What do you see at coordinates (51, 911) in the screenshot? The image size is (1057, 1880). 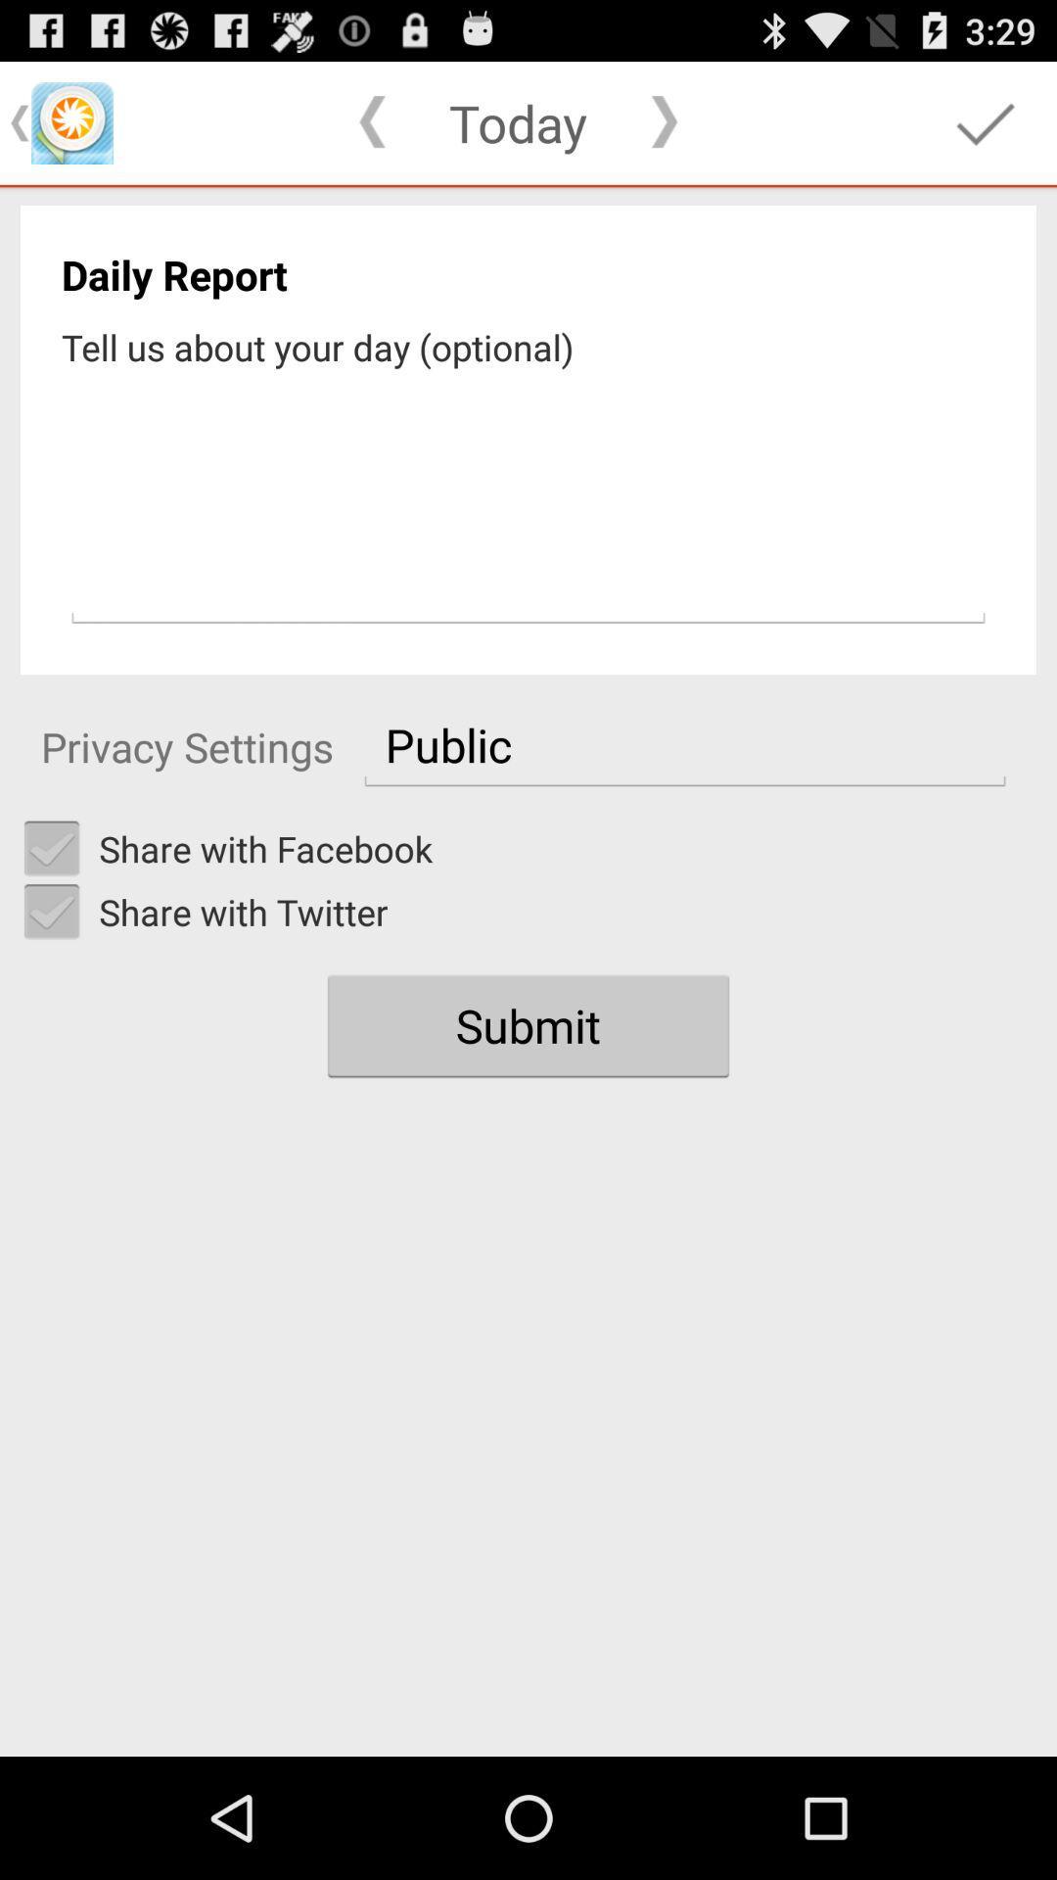 I see `tick share with twitter` at bounding box center [51, 911].